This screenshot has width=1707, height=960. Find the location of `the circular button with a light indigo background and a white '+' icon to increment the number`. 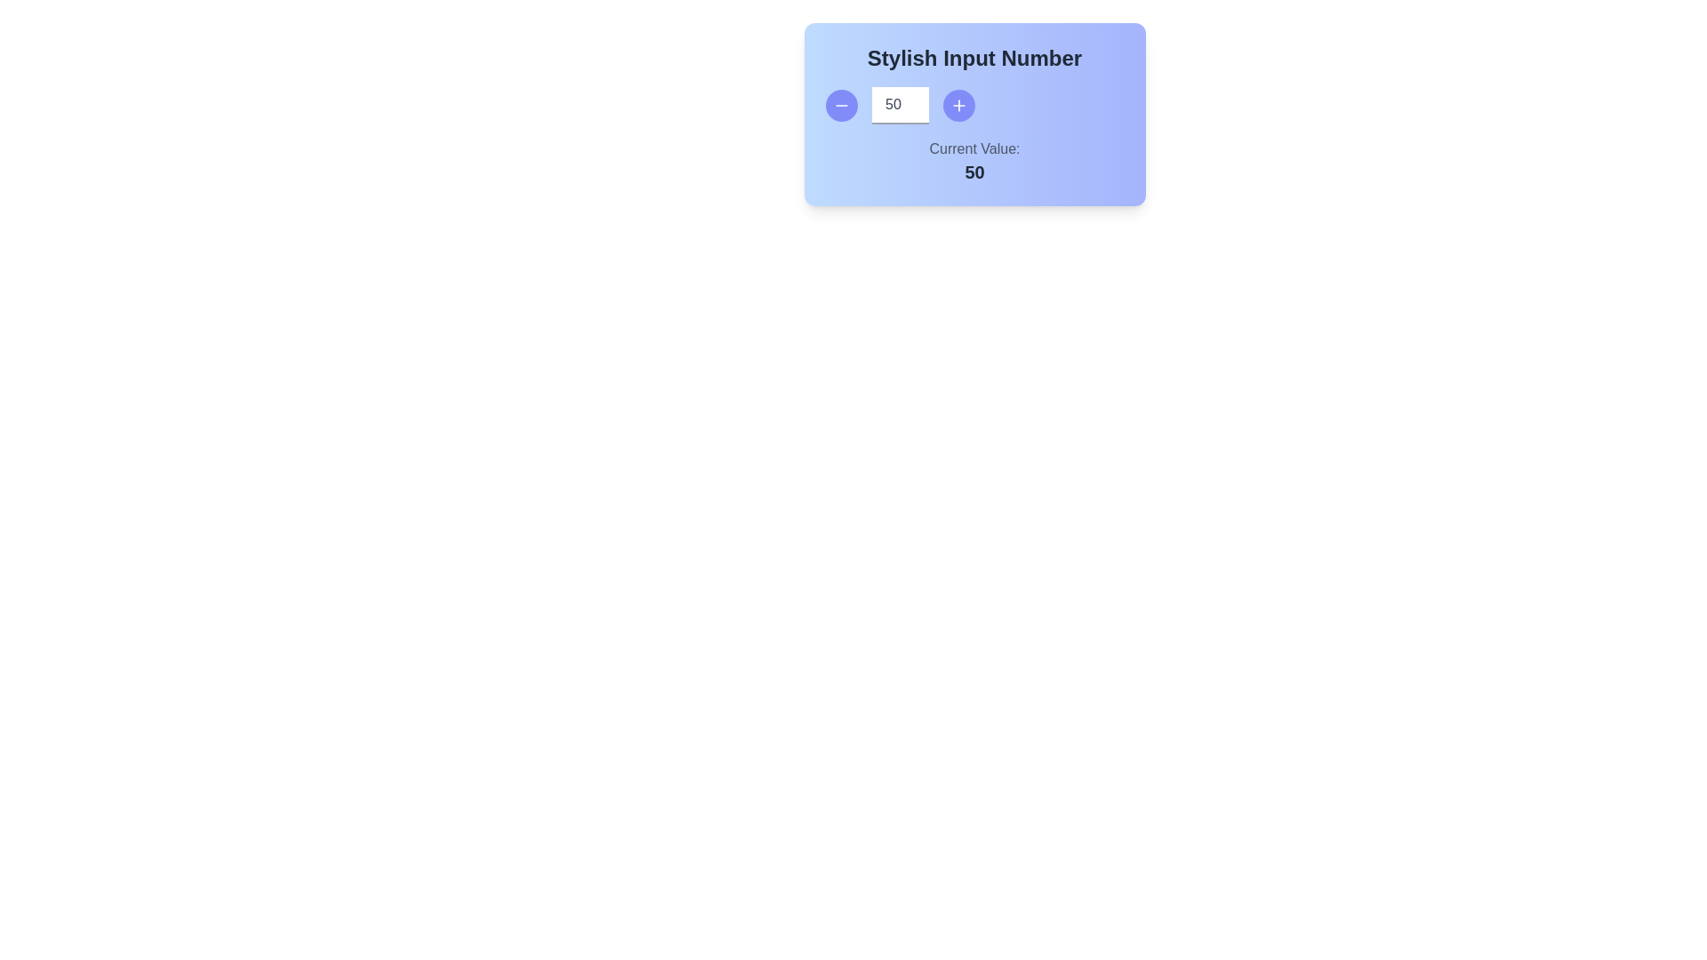

the circular button with a light indigo background and a white '+' icon to increment the number is located at coordinates (958, 106).